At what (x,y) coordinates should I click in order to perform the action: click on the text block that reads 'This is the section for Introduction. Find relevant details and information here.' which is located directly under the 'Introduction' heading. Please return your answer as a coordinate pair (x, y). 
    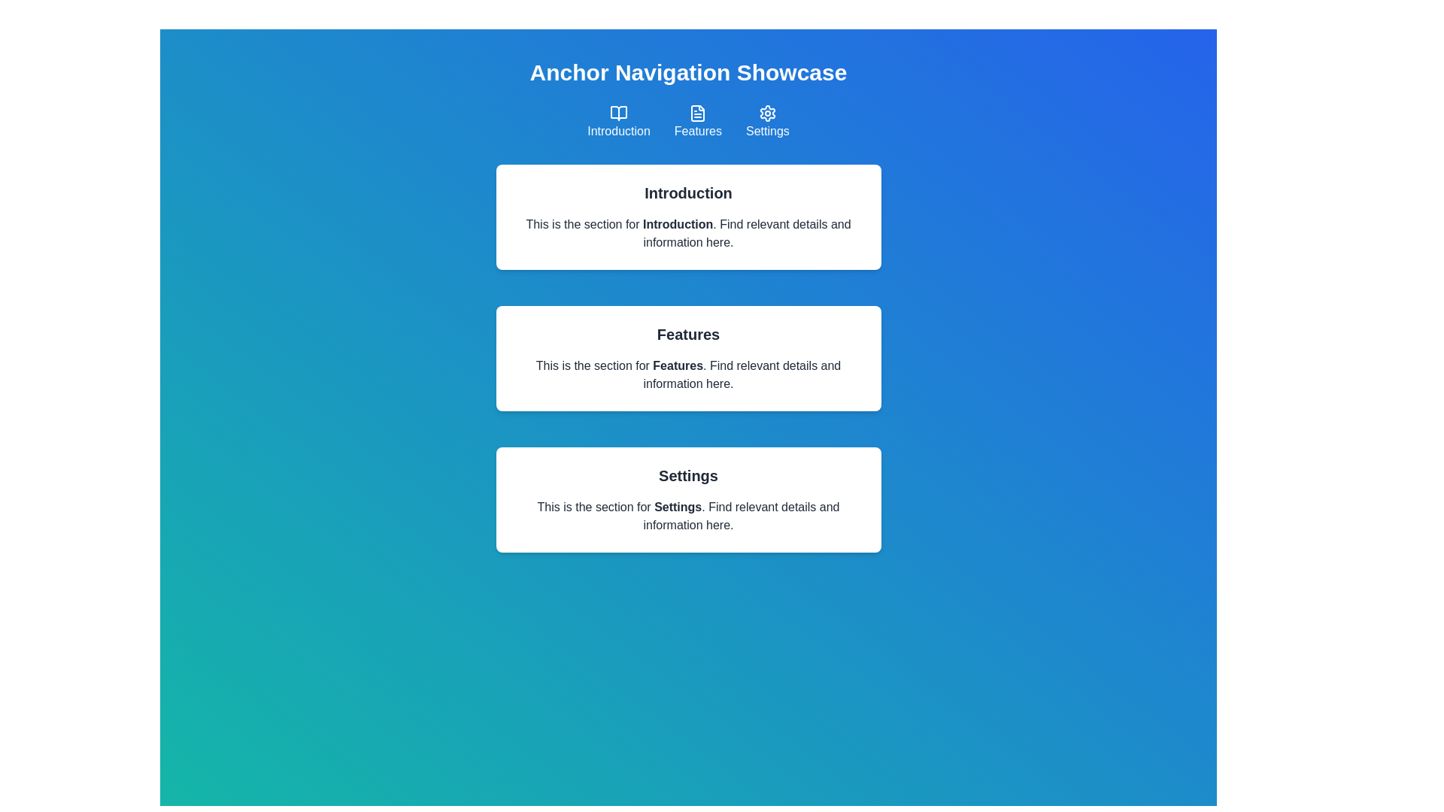
    Looking at the image, I should click on (687, 234).